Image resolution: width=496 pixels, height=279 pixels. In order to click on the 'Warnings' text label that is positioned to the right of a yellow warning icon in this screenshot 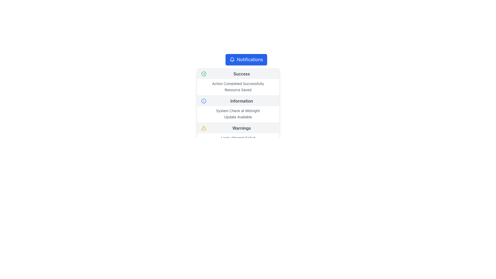, I will do `click(241, 128)`.